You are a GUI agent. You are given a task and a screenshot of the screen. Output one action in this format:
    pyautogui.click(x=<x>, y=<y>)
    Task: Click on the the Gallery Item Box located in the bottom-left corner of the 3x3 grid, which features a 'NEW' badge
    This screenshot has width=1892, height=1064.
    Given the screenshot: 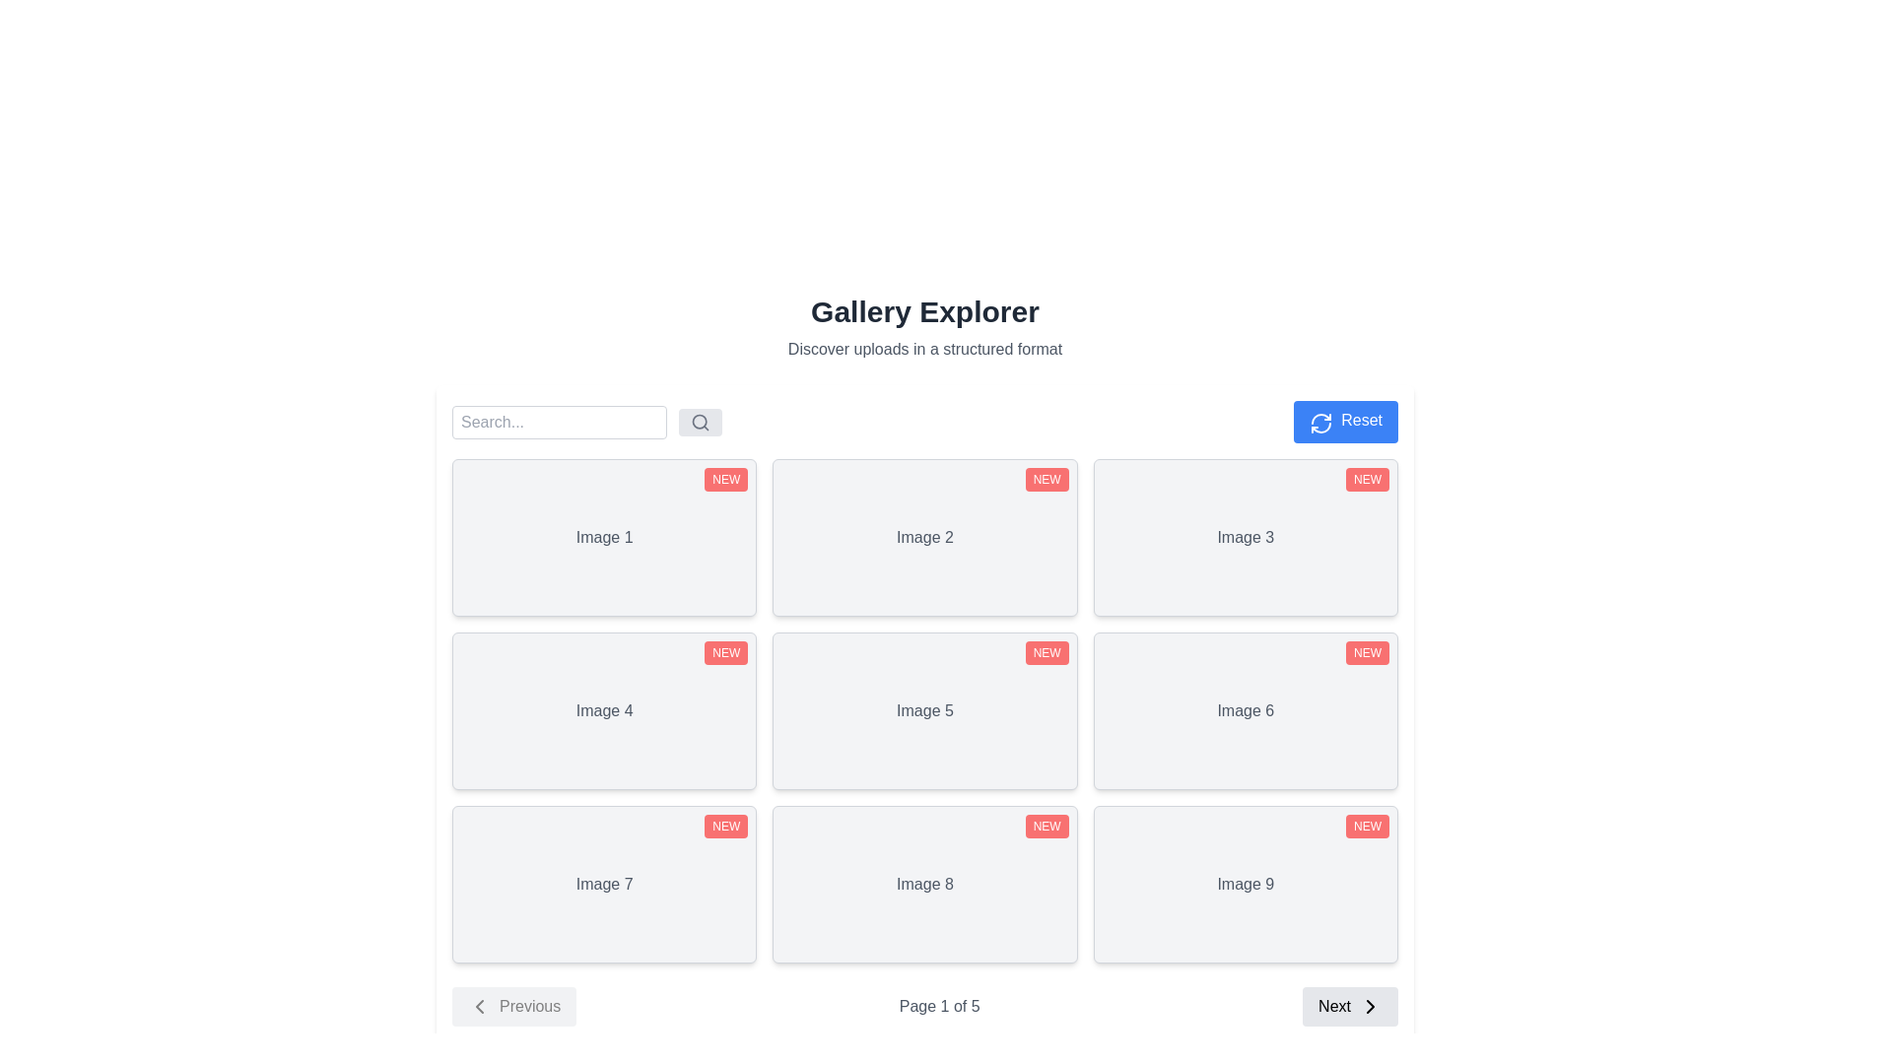 What is the action you would take?
    pyautogui.click(x=603, y=884)
    